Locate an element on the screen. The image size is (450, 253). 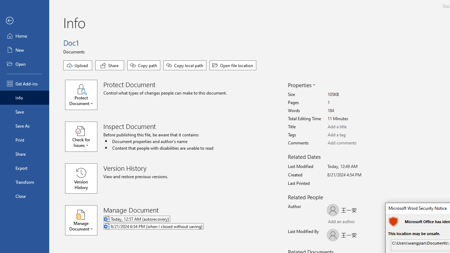
'Check for Issues' is located at coordinates (84, 137).